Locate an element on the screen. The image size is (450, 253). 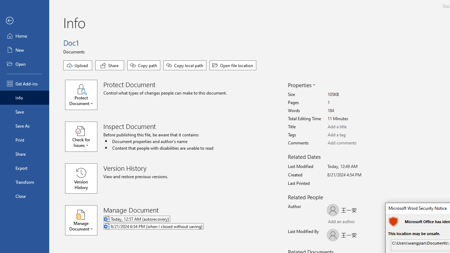
'Check for Issues' is located at coordinates (84, 137).